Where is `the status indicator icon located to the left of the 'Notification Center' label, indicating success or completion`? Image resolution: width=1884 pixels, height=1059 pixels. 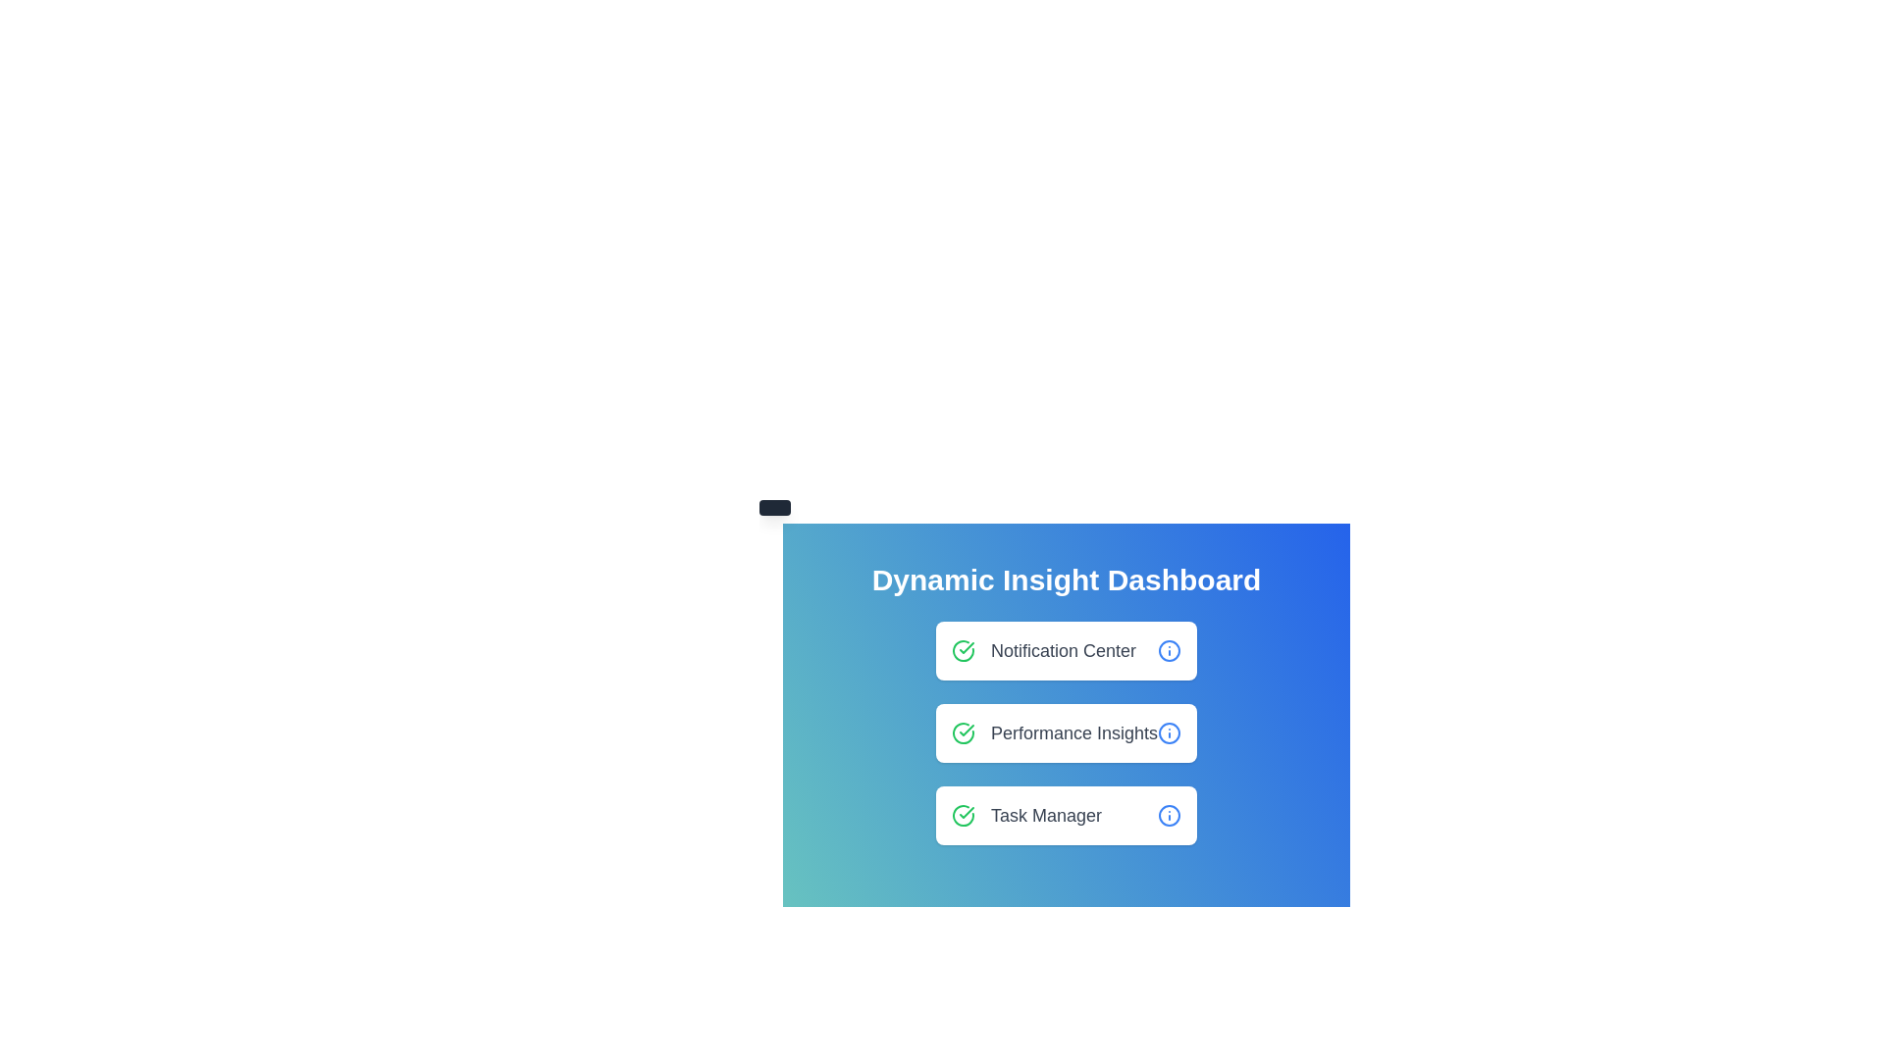
the status indicator icon located to the left of the 'Notification Center' label, indicating success or completion is located at coordinates (963, 650).